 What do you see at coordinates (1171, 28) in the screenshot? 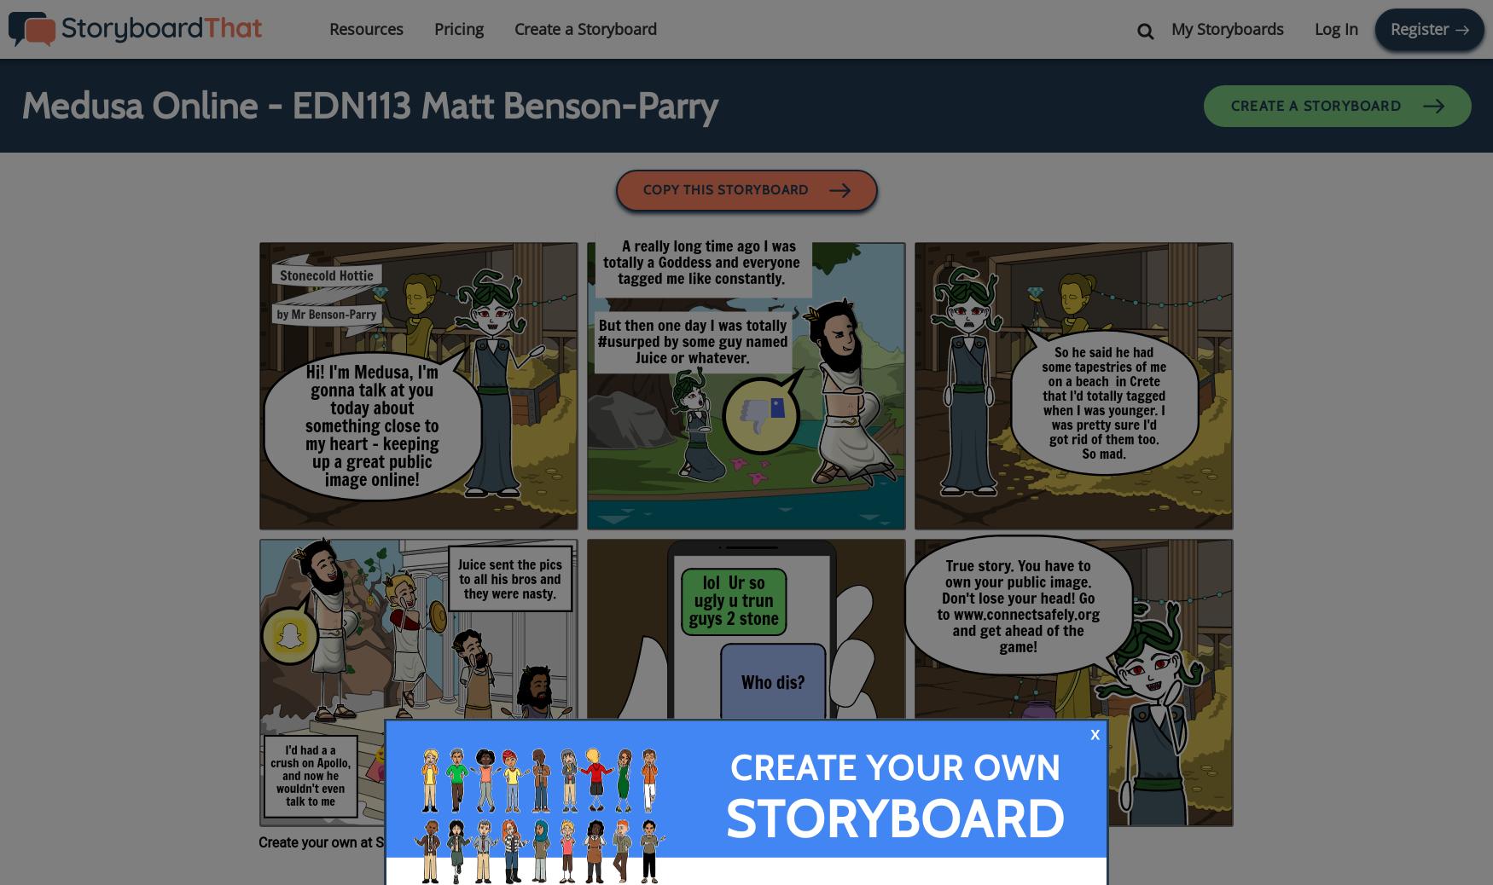
I see `'My Storyboards'` at bounding box center [1171, 28].